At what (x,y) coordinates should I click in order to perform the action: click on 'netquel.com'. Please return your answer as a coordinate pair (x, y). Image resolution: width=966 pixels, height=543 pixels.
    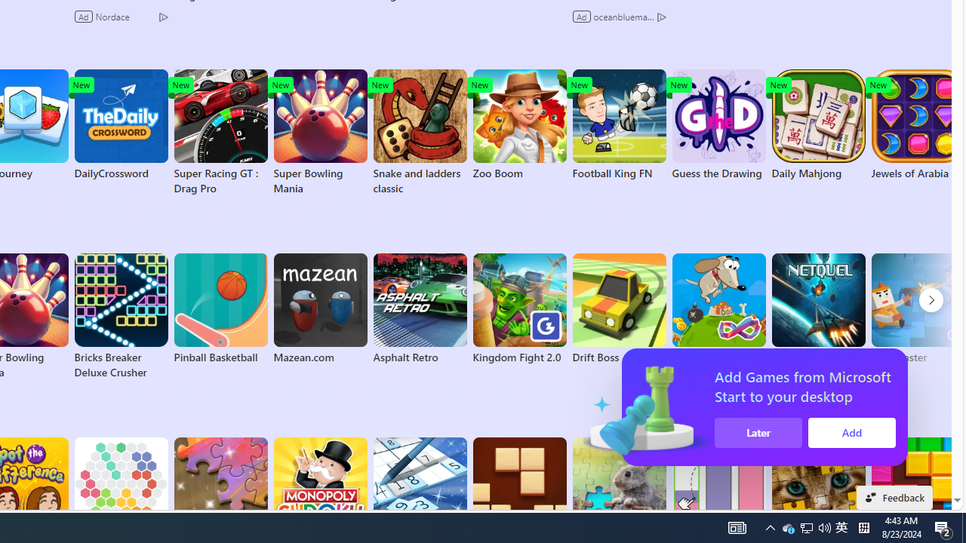
    Looking at the image, I should click on (817, 308).